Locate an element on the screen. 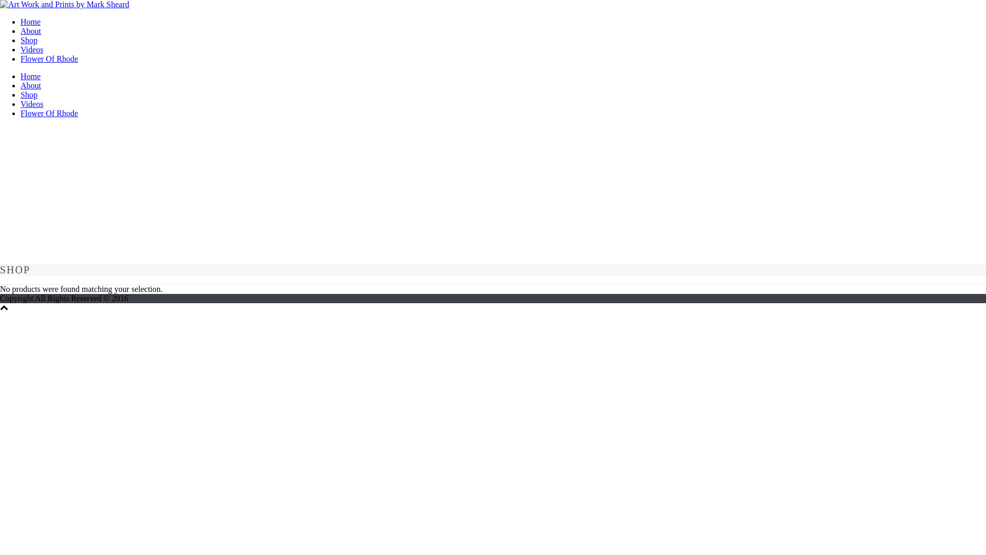  'Videos' is located at coordinates (32, 104).